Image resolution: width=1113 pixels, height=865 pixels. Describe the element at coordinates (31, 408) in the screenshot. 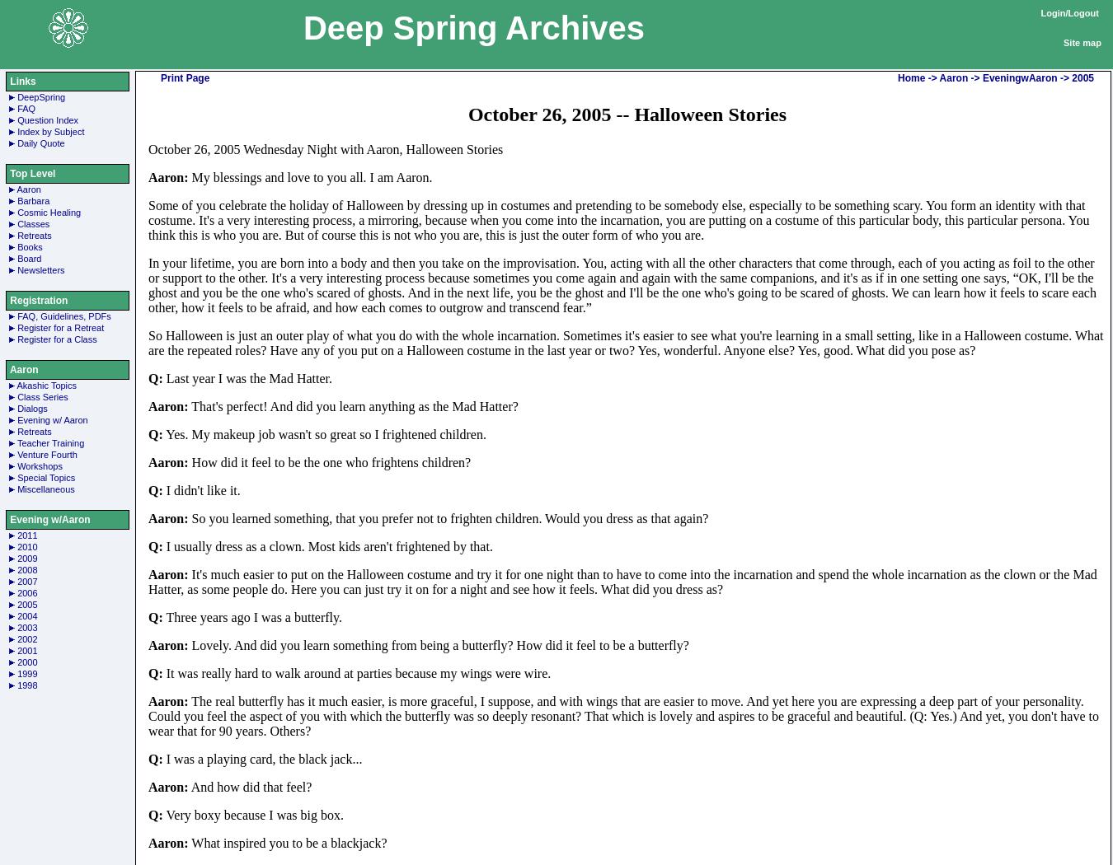

I see `'Dialogs'` at that location.